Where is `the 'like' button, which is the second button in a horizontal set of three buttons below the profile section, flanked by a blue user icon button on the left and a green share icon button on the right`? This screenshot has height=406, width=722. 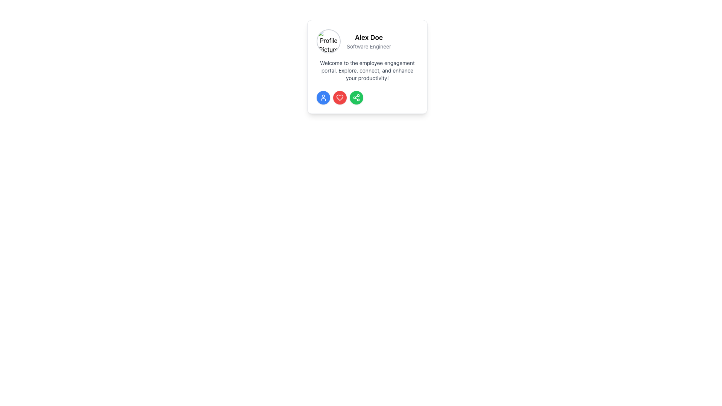 the 'like' button, which is the second button in a horizontal set of three buttons below the profile section, flanked by a blue user icon button on the left and a green share icon button on the right is located at coordinates (339, 97).